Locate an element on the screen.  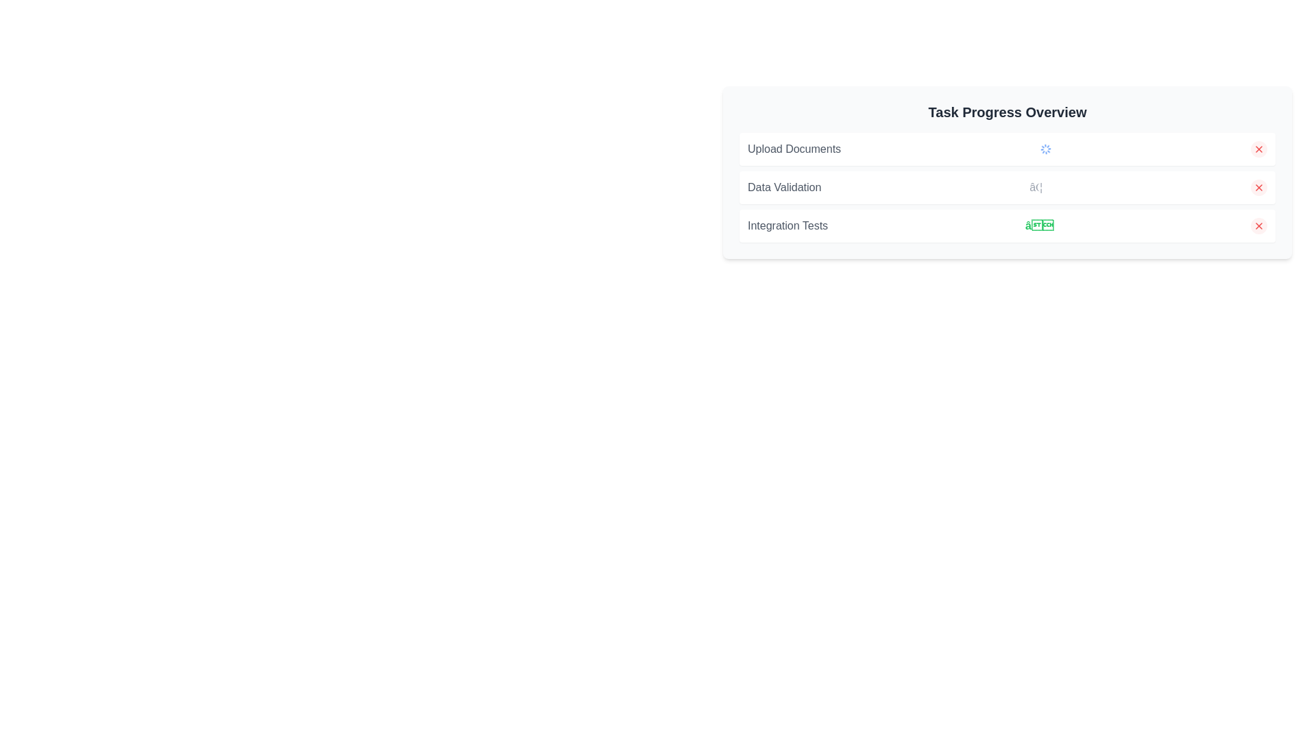
the circular pale red button with a red 'X' icon in the 'Data Validation' section of the 'Task Progress Overview' list is located at coordinates (1259, 187).